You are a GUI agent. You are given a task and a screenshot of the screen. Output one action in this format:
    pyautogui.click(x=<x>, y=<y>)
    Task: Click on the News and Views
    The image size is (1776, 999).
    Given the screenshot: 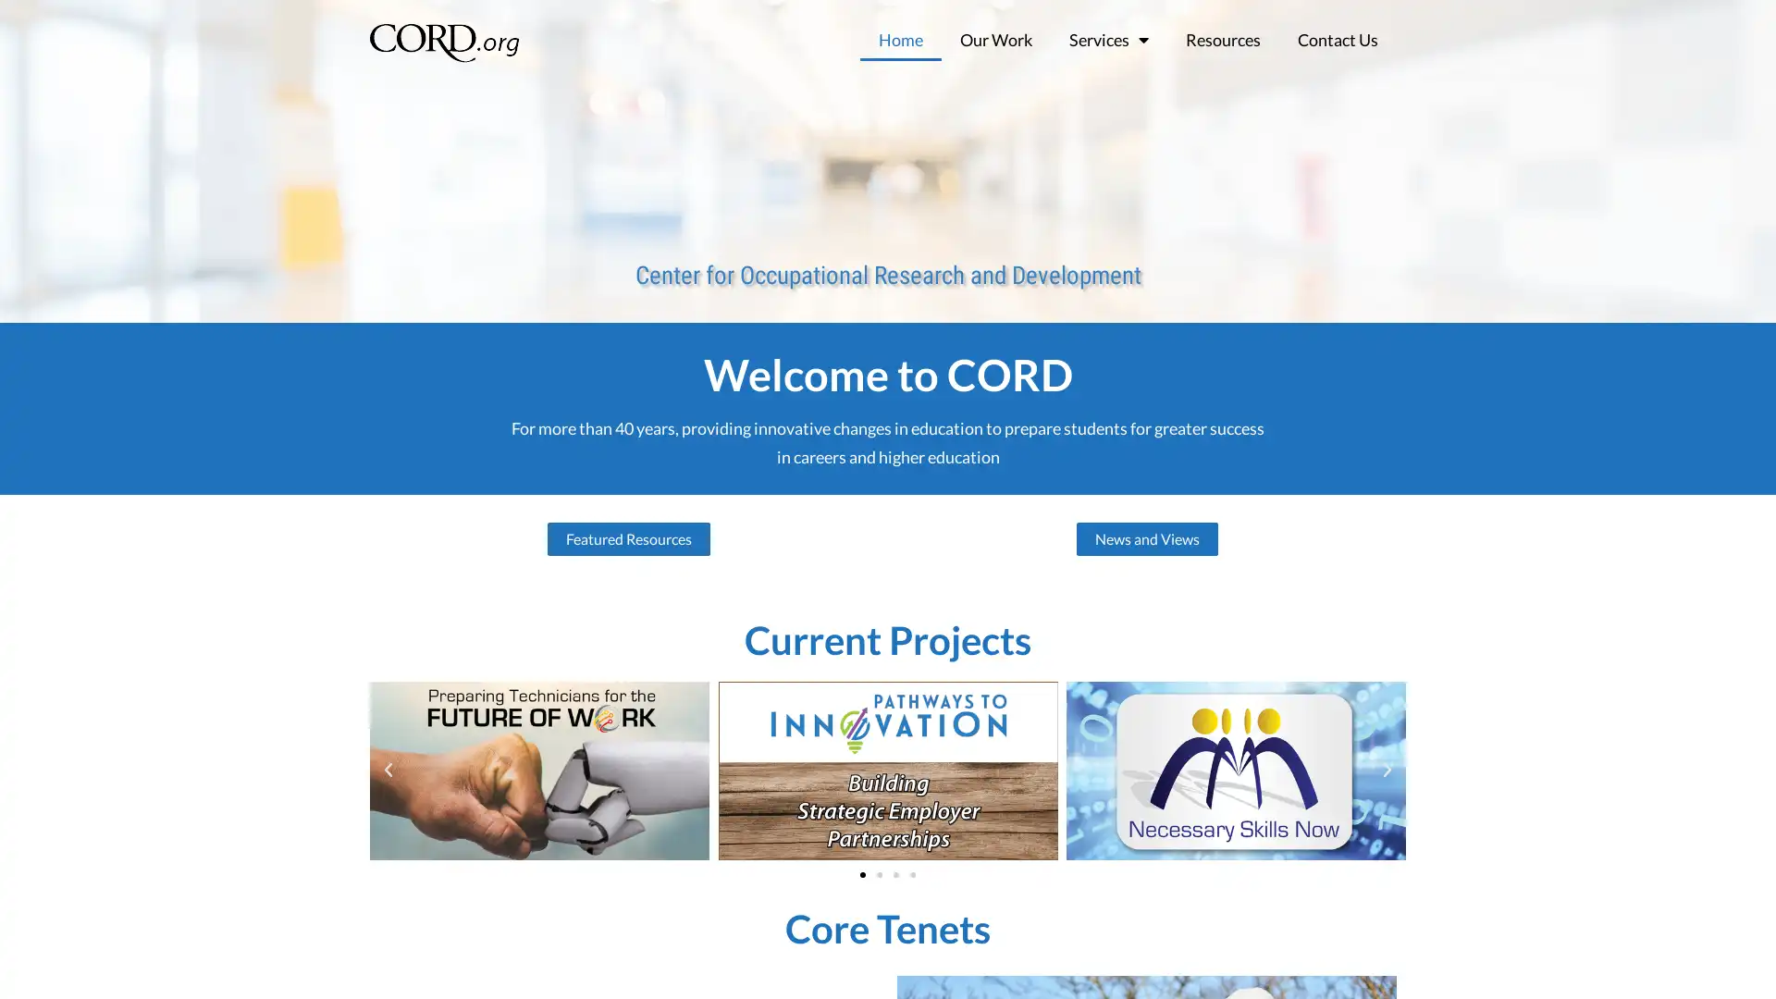 What is the action you would take?
    pyautogui.click(x=1145, y=538)
    